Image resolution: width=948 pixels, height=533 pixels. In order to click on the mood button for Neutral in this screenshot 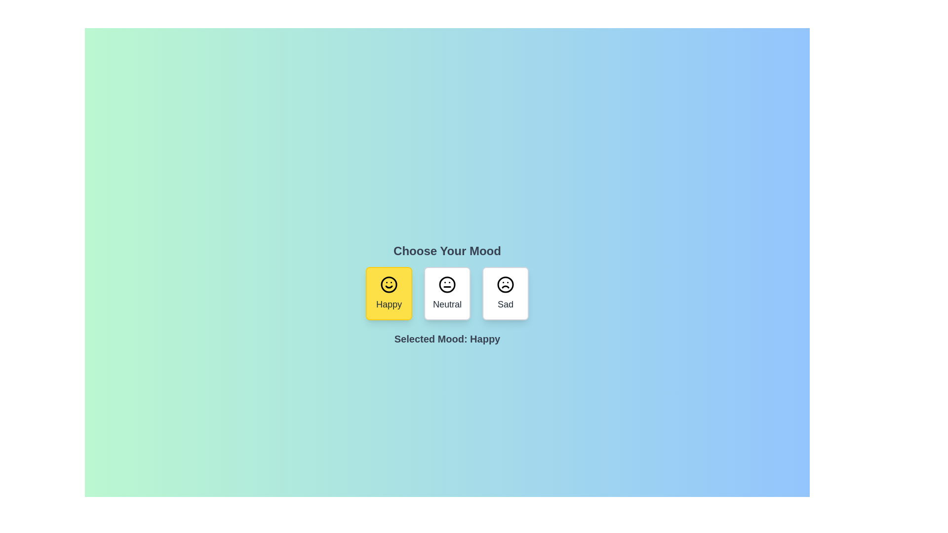, I will do `click(447, 293)`.